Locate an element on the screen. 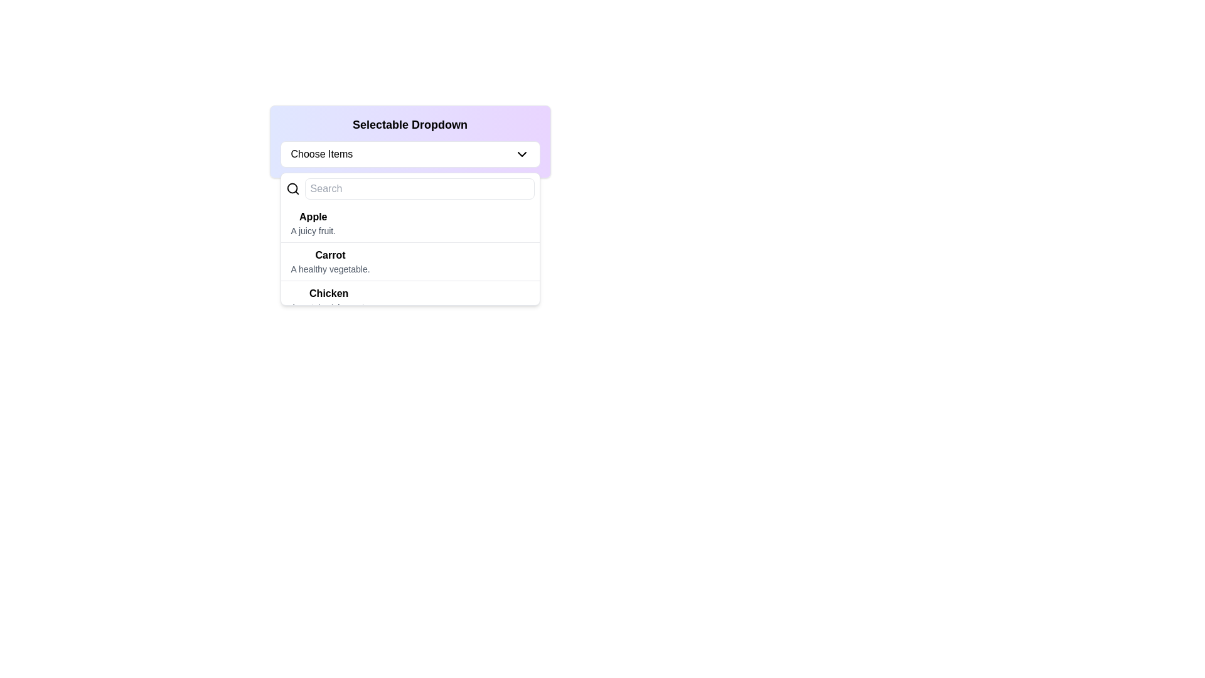  the Text label that provides clarification for the main content, located below the bolded text 'Chicken' in the dropdown list under the 'Selectable Dropdown' header is located at coordinates (329, 307).